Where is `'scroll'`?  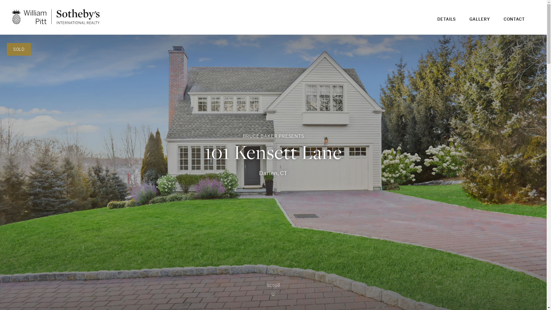 'scroll' is located at coordinates (273, 291).